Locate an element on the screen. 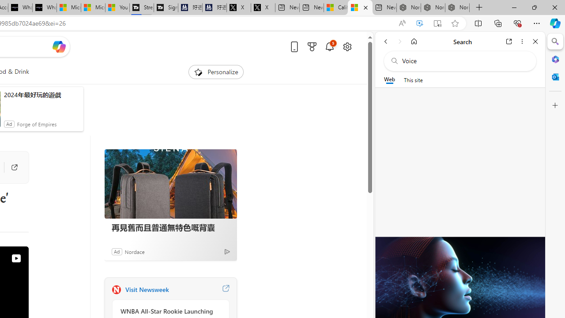 The height and width of the screenshot is (318, 565). 'Go to publisher' is located at coordinates (14, 167).